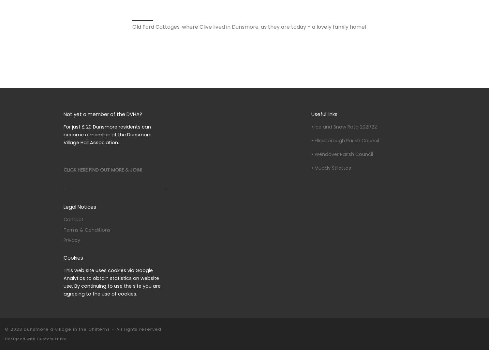 The width and height of the screenshot is (489, 350). What do you see at coordinates (87, 229) in the screenshot?
I see `'Terms & Conditions'` at bounding box center [87, 229].